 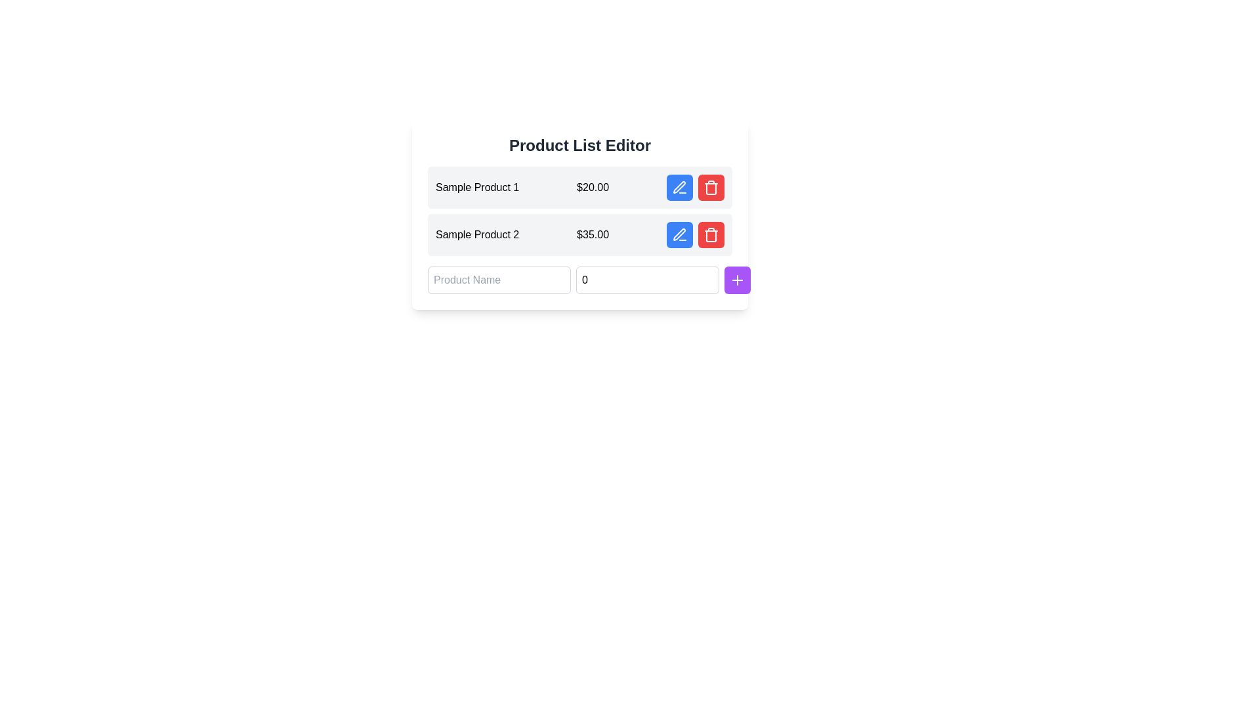 I want to click on the main body of the trash bin icon, so click(x=711, y=189).